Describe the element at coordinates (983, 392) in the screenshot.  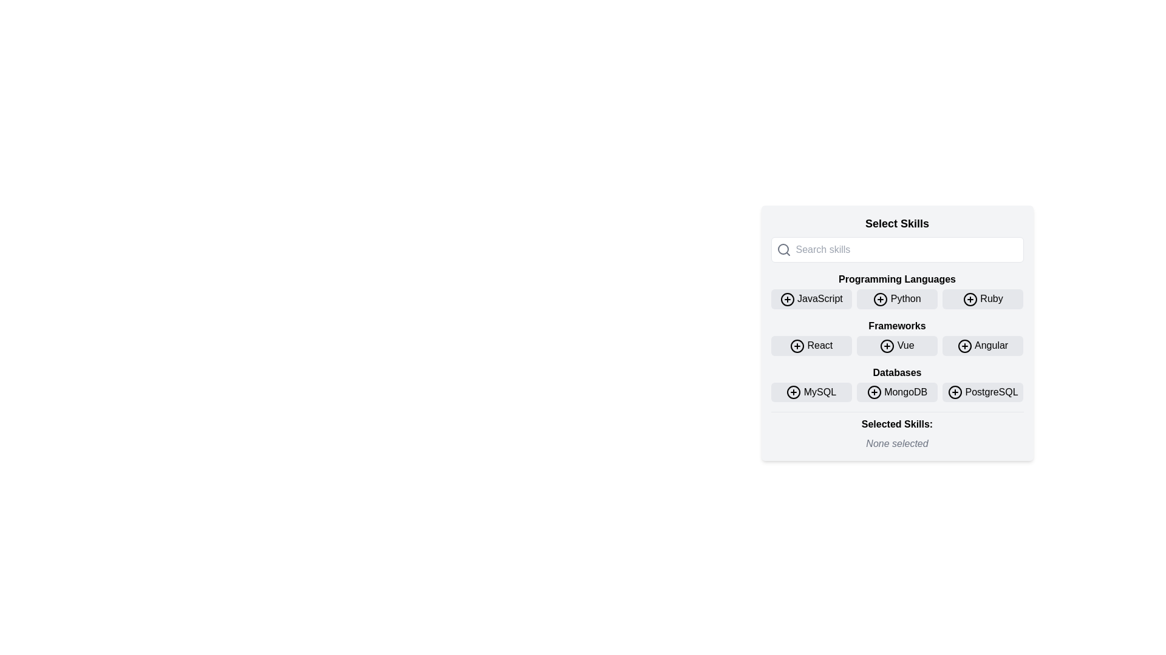
I see `the button labeled 'PostgreSQL' located in the bottom-right corner of the 'Databases' section` at that location.